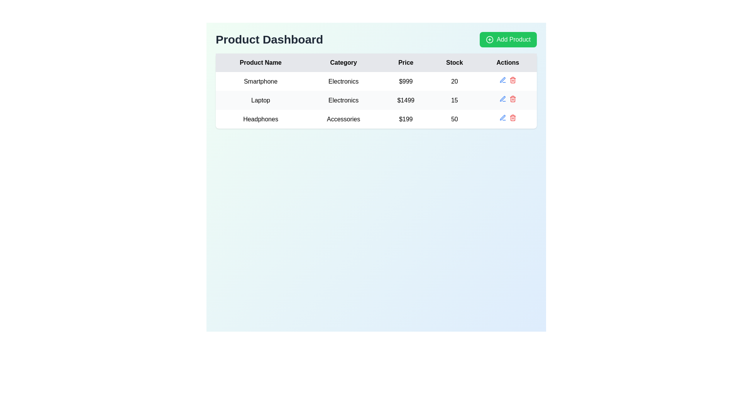 This screenshot has height=416, width=741. Describe the element at coordinates (454, 119) in the screenshot. I see `the text label displaying the number '50' in the 'Stock' column for the product 'Headphones' in the last row of the table` at that location.